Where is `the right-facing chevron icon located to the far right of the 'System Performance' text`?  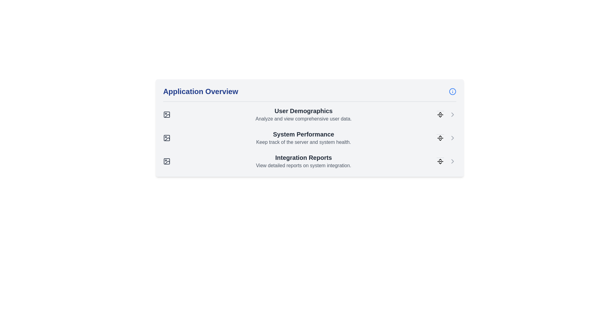 the right-facing chevron icon located to the far right of the 'System Performance' text is located at coordinates (453, 137).